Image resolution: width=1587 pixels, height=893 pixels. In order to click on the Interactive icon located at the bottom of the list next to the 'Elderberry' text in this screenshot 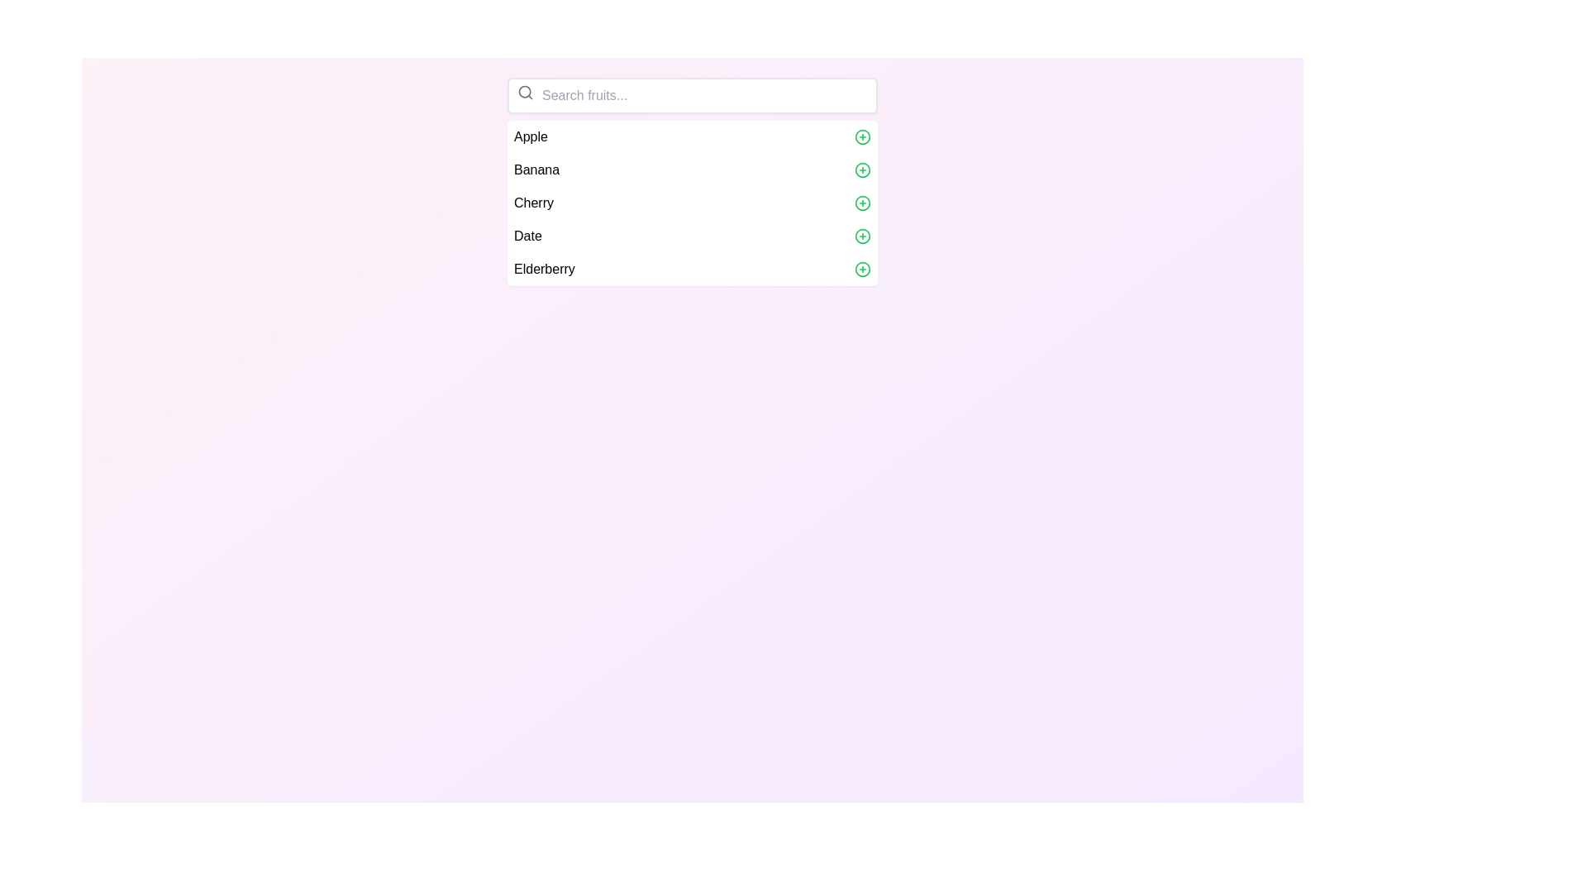, I will do `click(861, 269)`.